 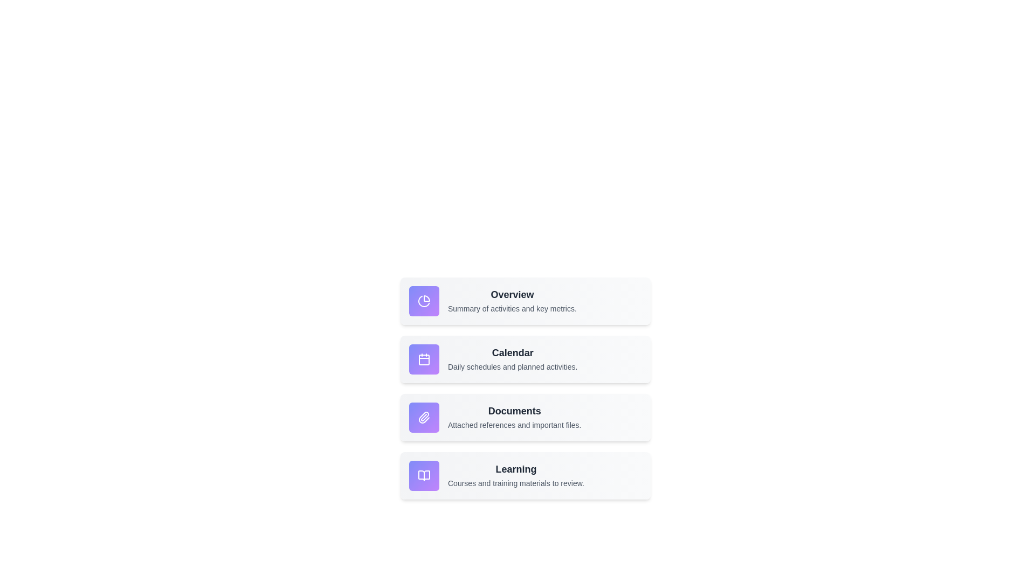 I want to click on the functionality of the icon corresponding to Overview, so click(x=424, y=301).